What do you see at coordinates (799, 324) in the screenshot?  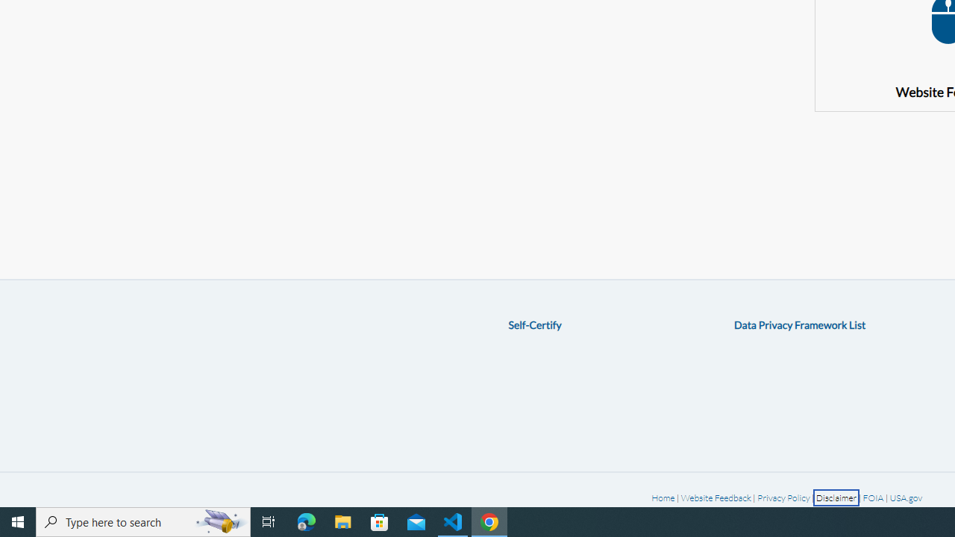 I see `'Data Privacy Framework List'` at bounding box center [799, 324].